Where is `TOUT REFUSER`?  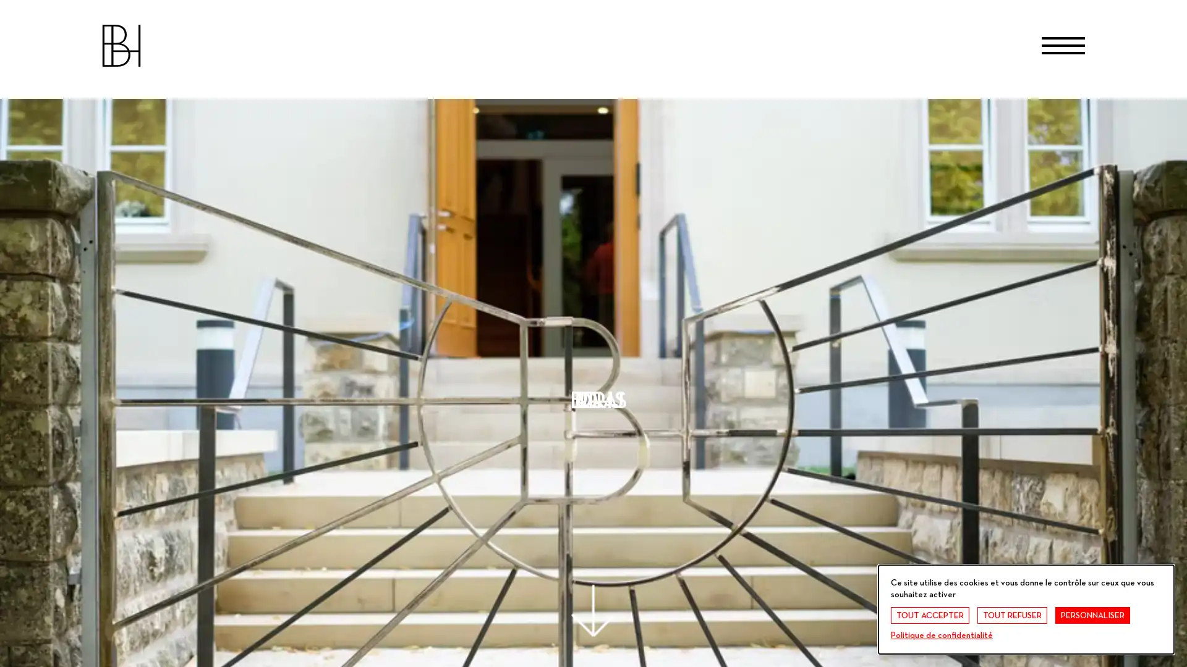
TOUT REFUSER is located at coordinates (1012, 615).